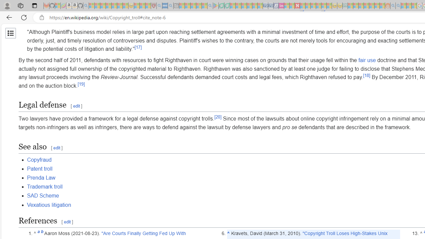 The height and width of the screenshot is (239, 425). What do you see at coordinates (302, 6) in the screenshot?
I see `'Trusted Community Engagement and Contributions | Guidelines'` at bounding box center [302, 6].